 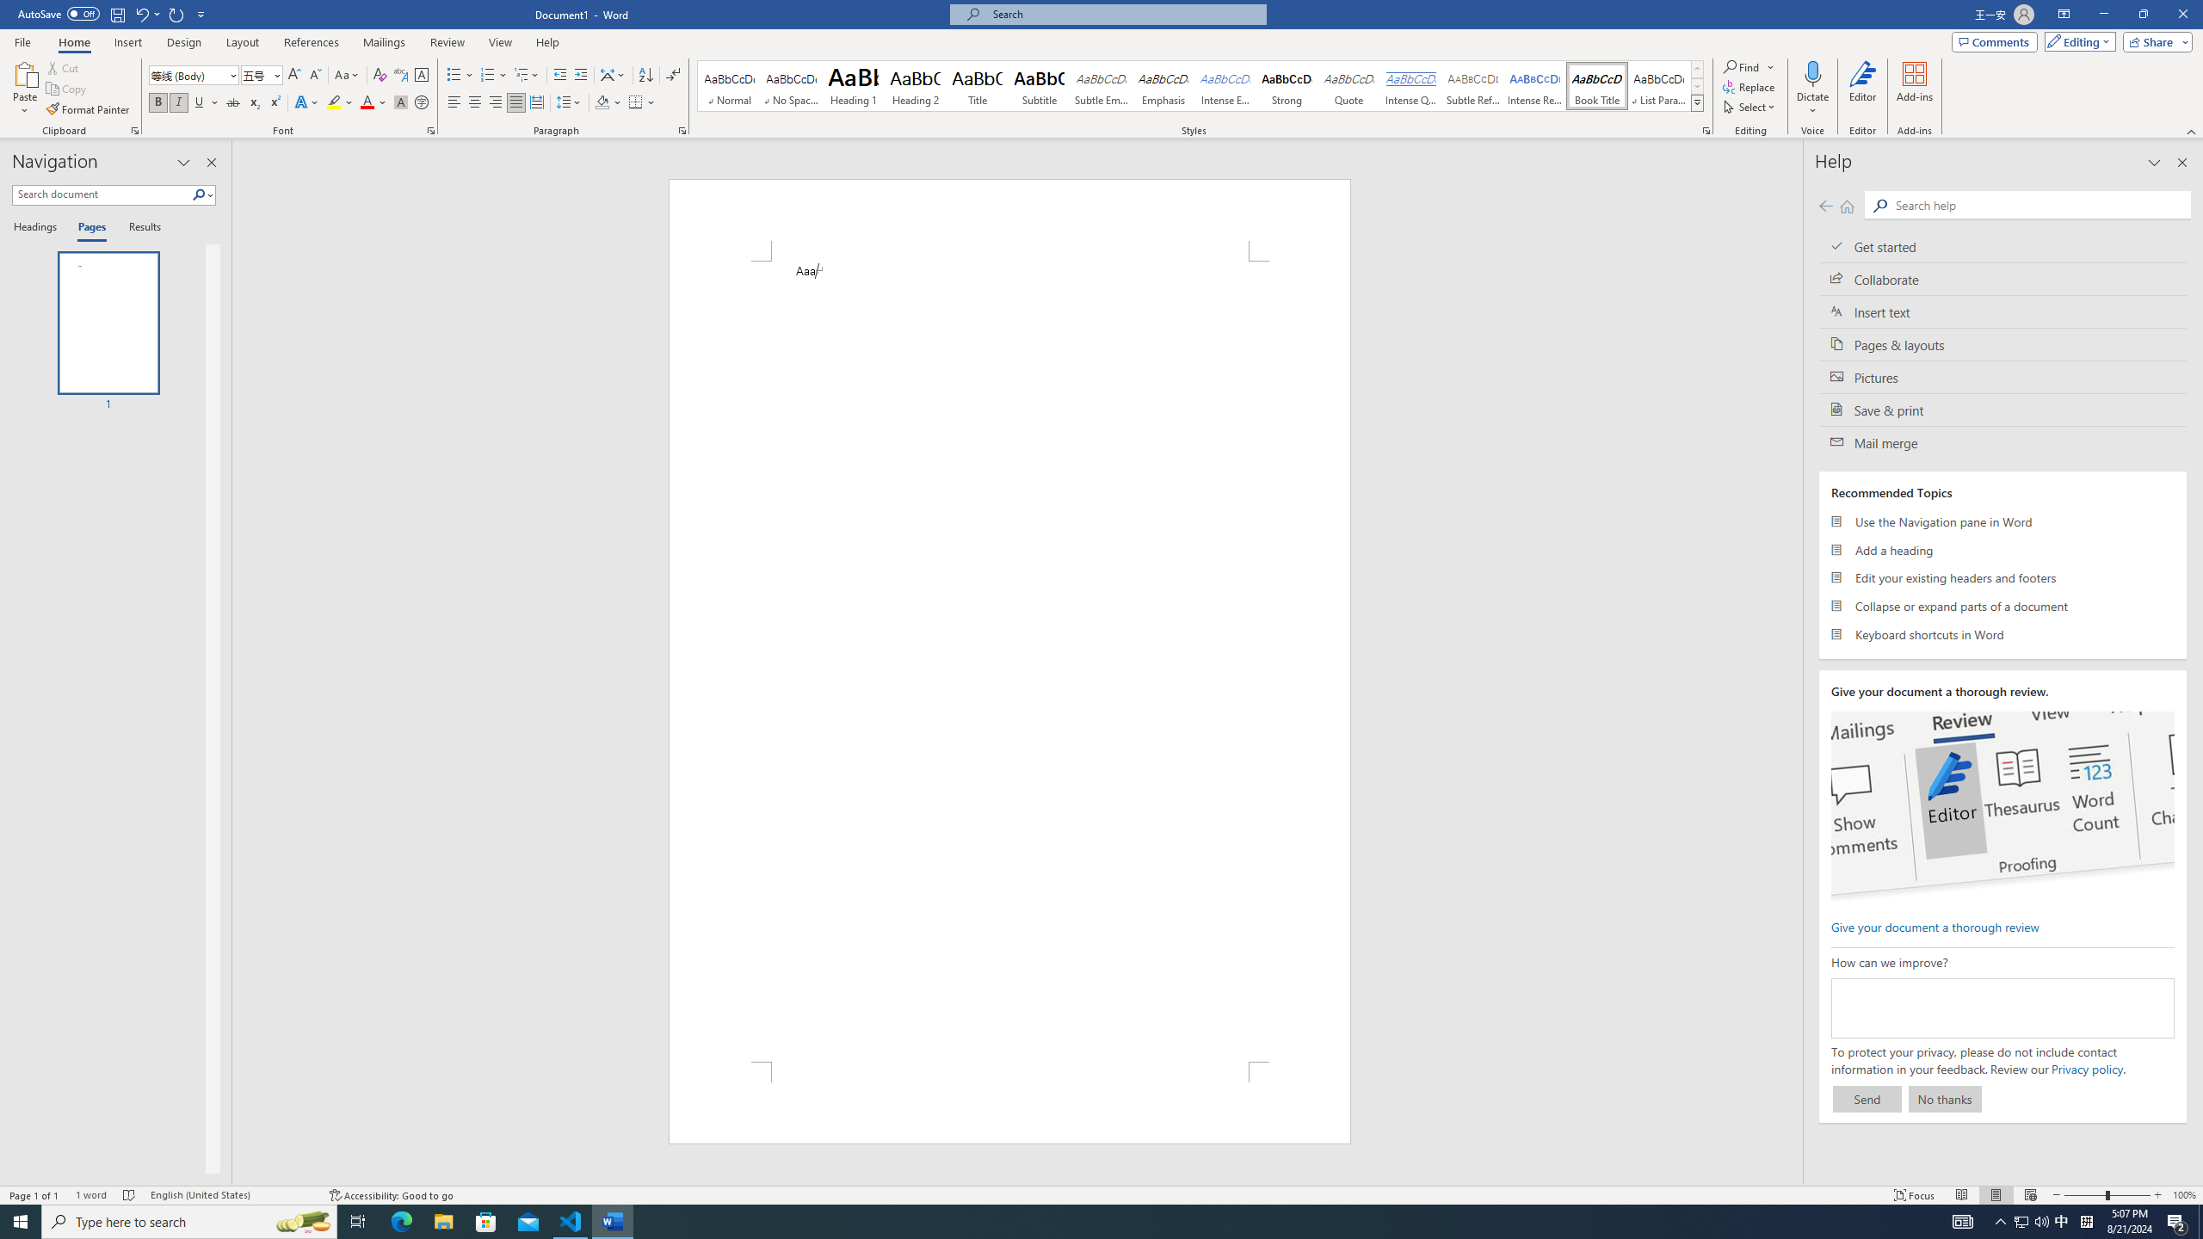 What do you see at coordinates (2002, 606) in the screenshot?
I see `'Collapse or expand parts of a document'` at bounding box center [2002, 606].